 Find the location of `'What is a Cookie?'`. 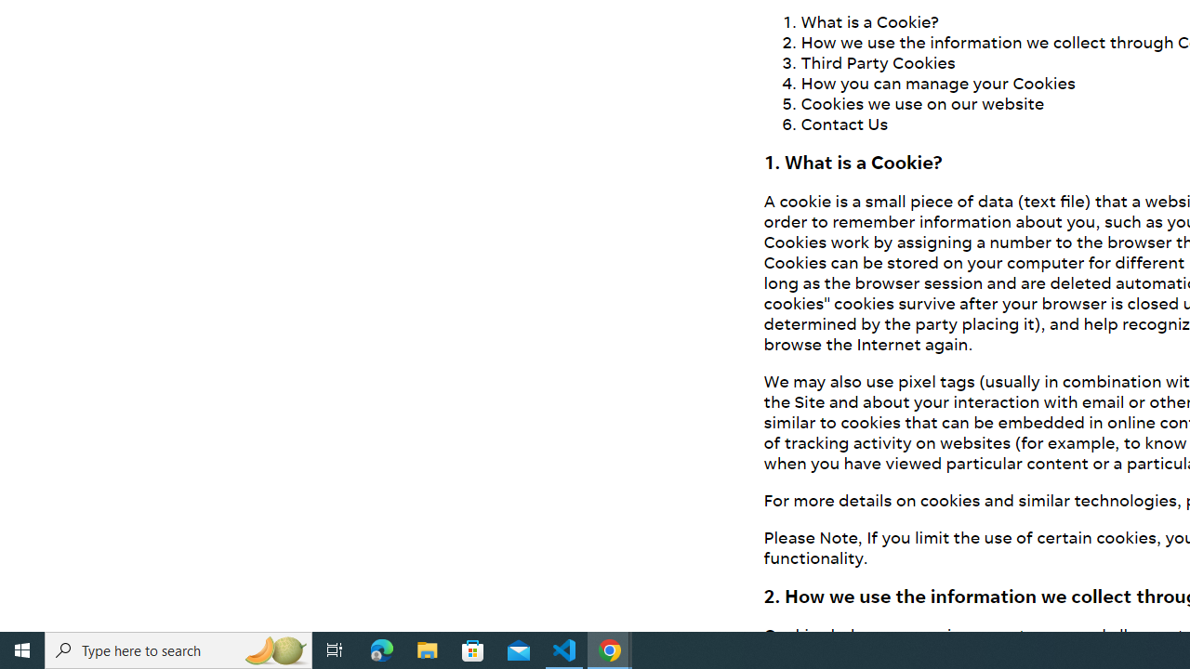

'What is a Cookie?' is located at coordinates (868, 21).